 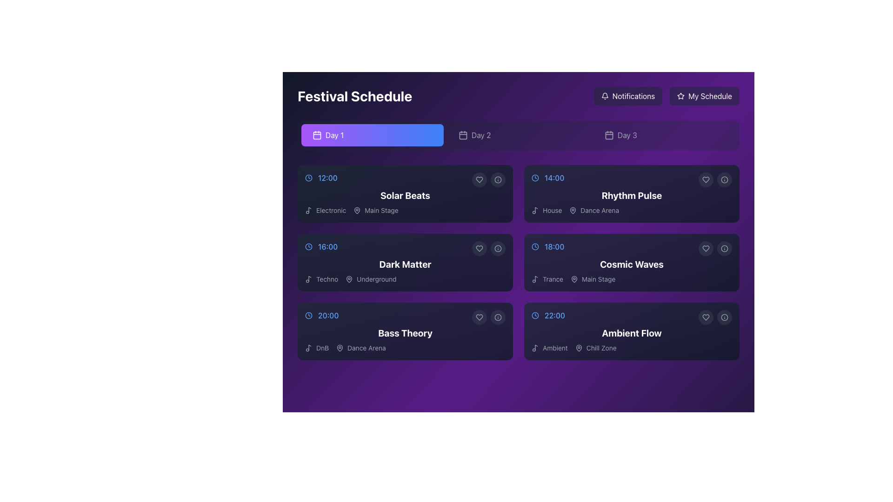 I want to click on the music note icon located in the details section of the 'Rhythm Pulse' event card, so click(x=536, y=210).